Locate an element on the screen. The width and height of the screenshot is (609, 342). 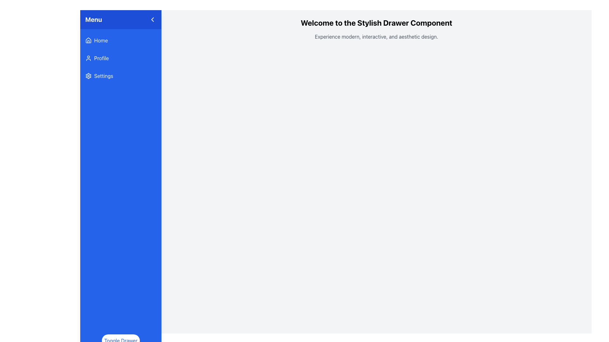
the house icon in the Menu sidebar is located at coordinates (88, 40).